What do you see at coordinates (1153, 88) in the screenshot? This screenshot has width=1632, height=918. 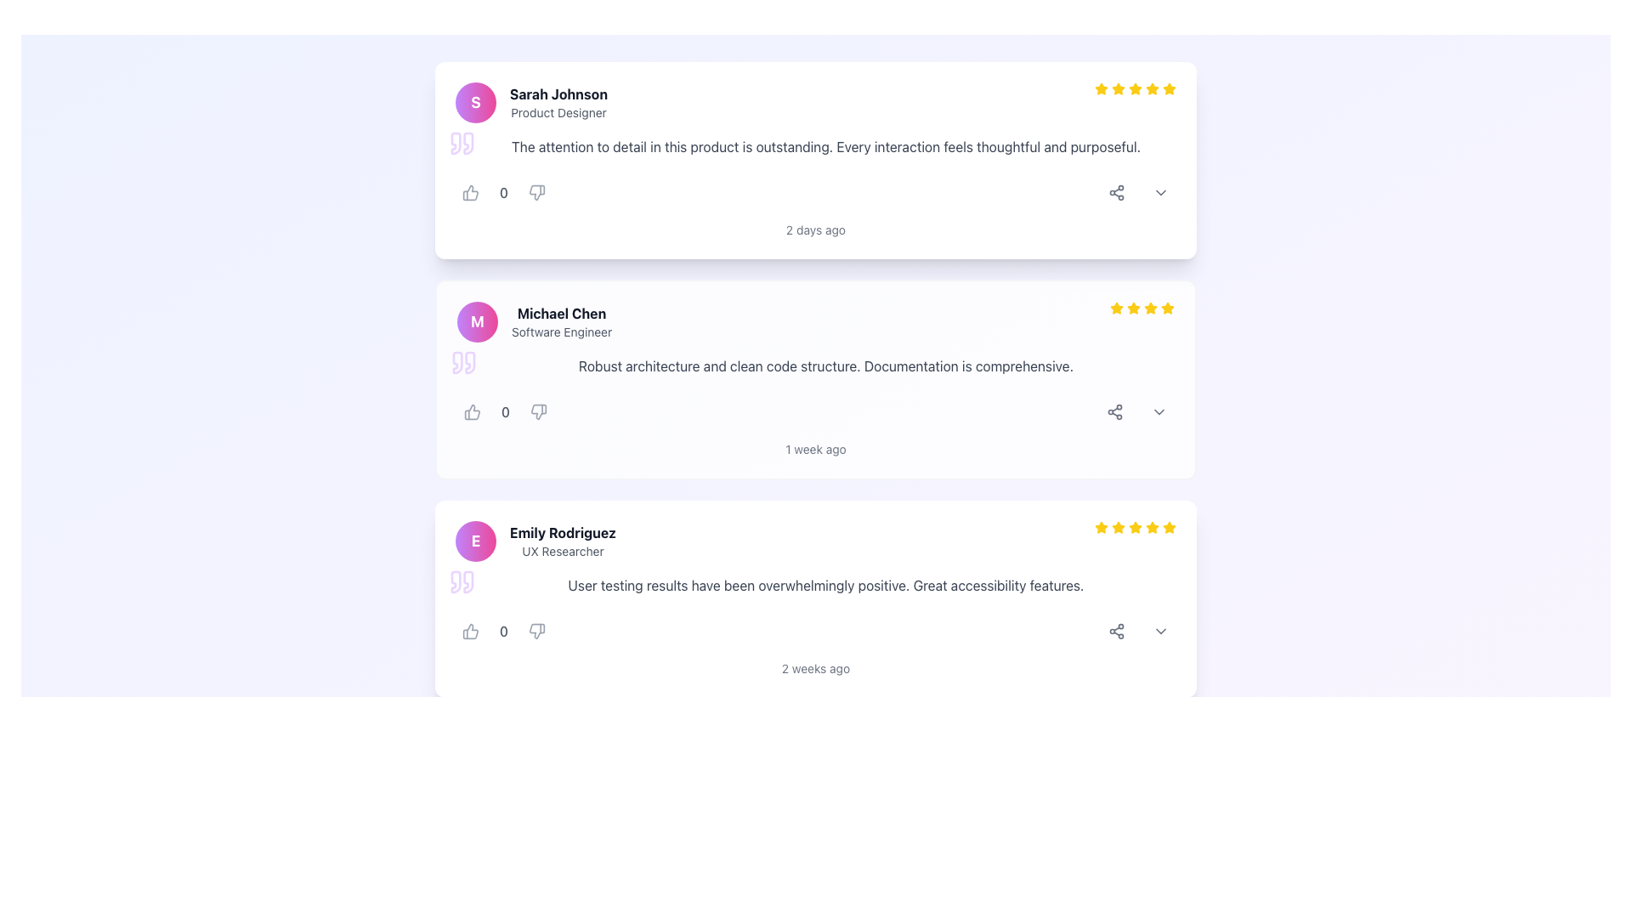 I see `the sixth yellow star icon in the top-right area of the review card by Sarah Johnson` at bounding box center [1153, 88].